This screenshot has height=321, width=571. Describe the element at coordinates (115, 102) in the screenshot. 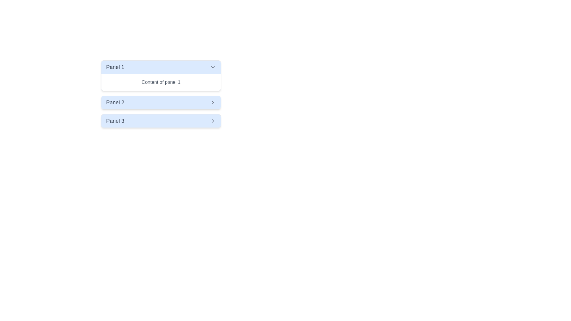

I see `the text label indicating 'Panel 2'` at that location.